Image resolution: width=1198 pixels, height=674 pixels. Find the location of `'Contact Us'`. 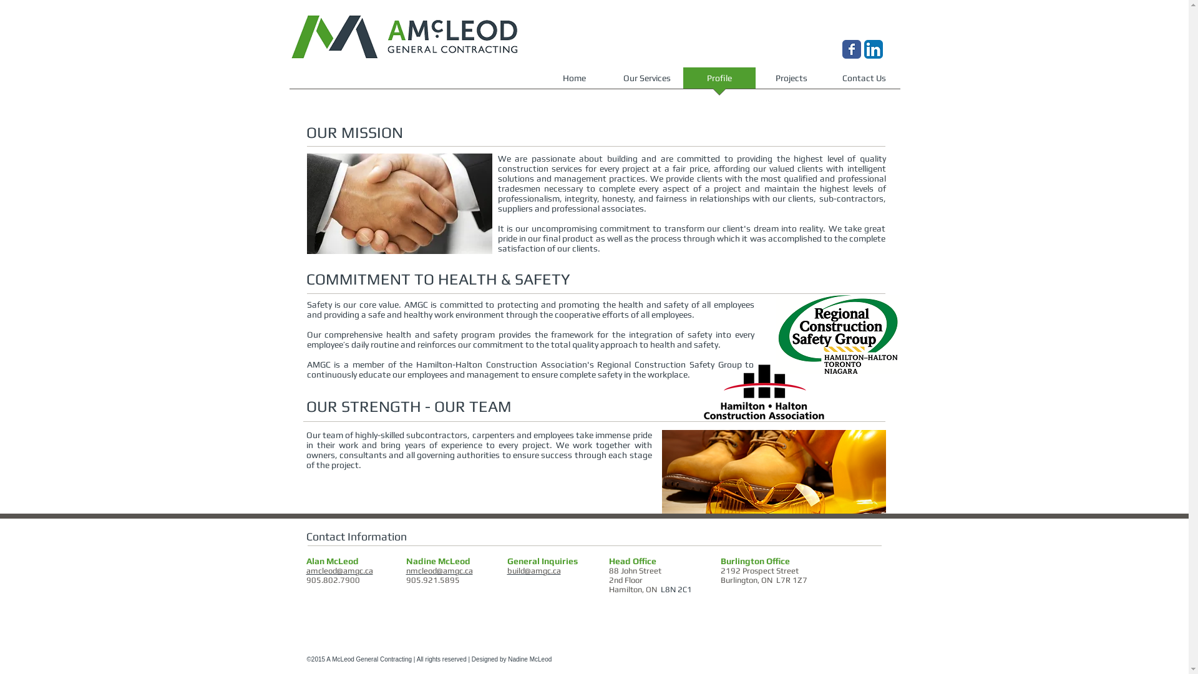

'Contact Us' is located at coordinates (862, 82).